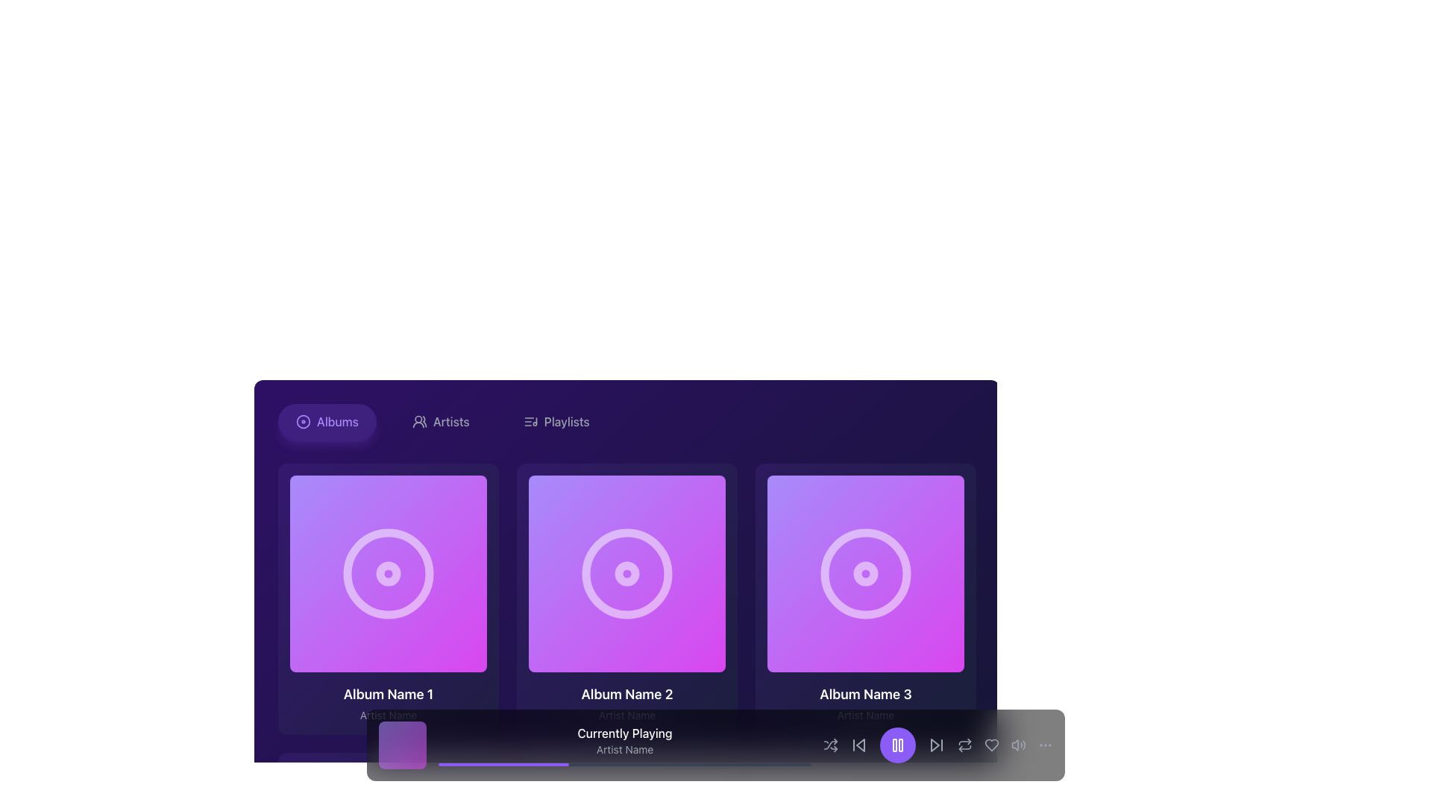  What do you see at coordinates (626, 695) in the screenshot?
I see `text label displaying 'Album Name 2', which is positioned below the album cover image and above the artist's name` at bounding box center [626, 695].